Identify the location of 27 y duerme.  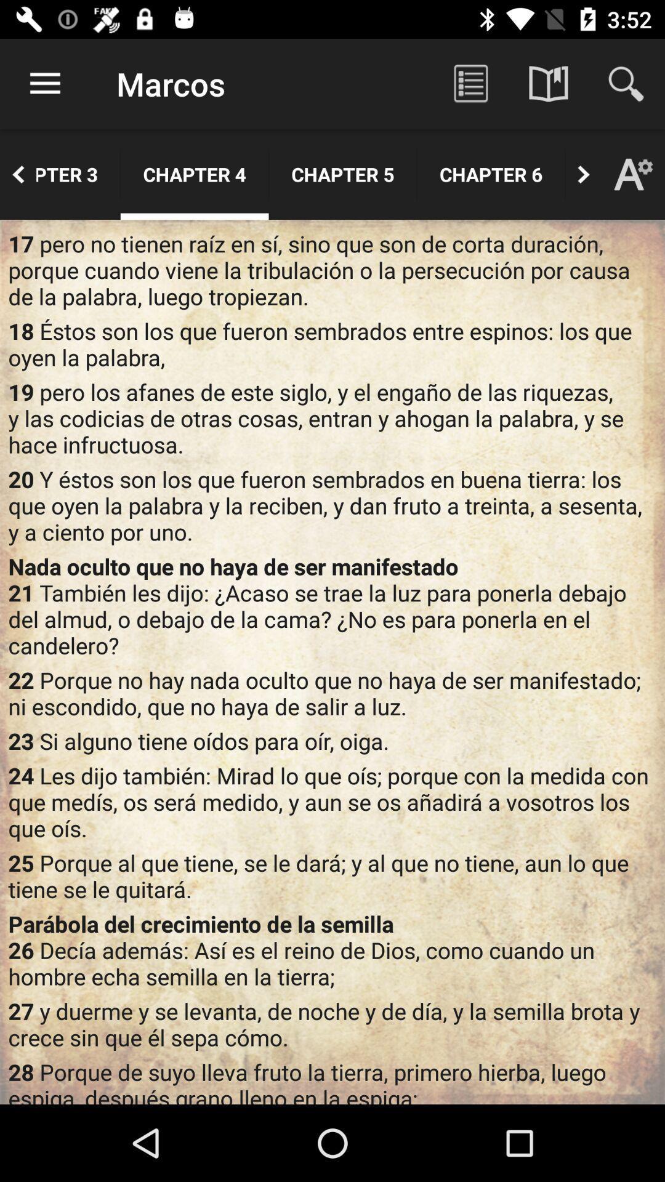
(332, 1024).